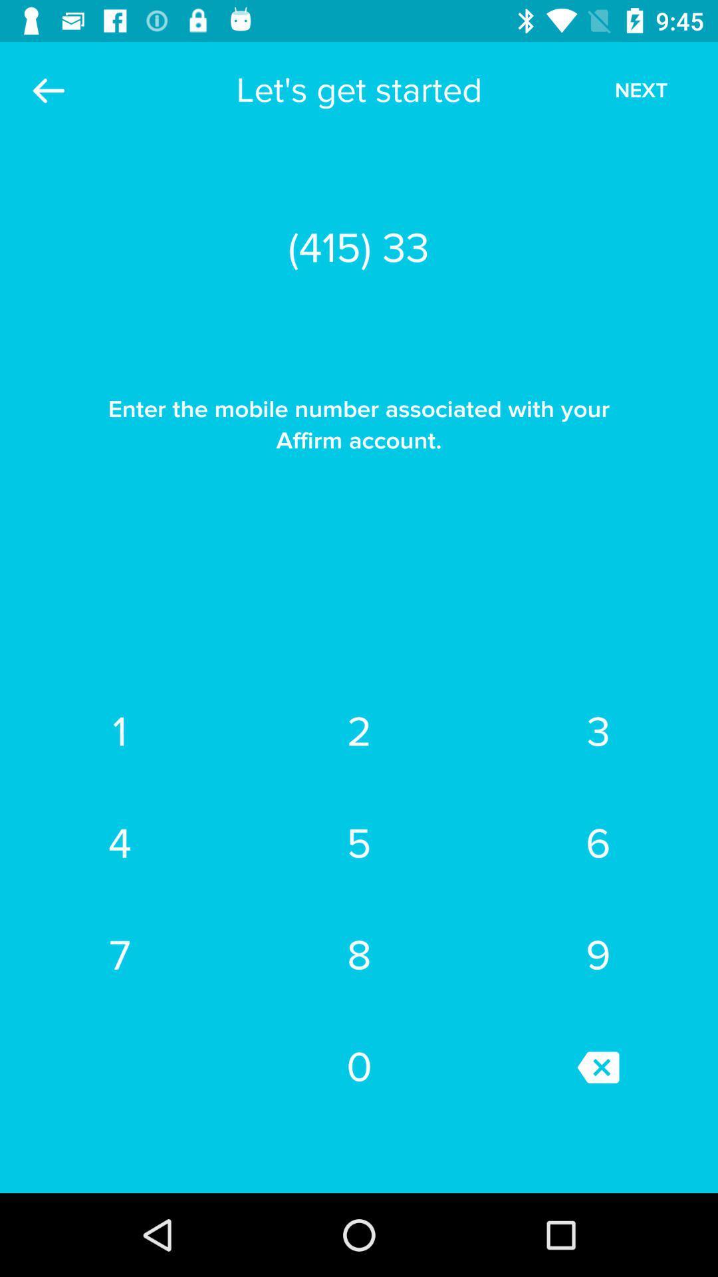 The image size is (718, 1277). Describe the element at coordinates (597, 731) in the screenshot. I see `icon below enter the mobile` at that location.